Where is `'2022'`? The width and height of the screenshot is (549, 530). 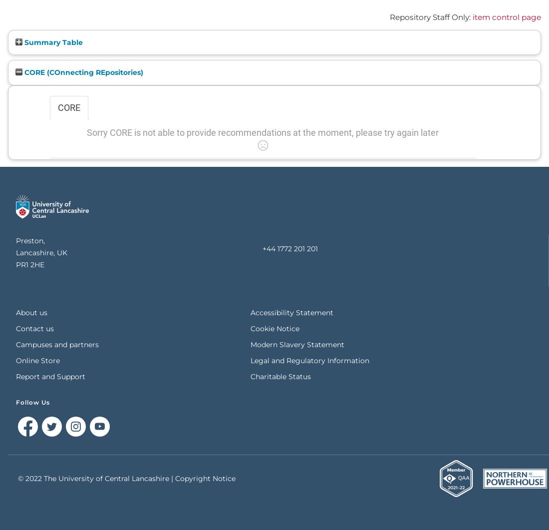 '2022' is located at coordinates (25, 478).